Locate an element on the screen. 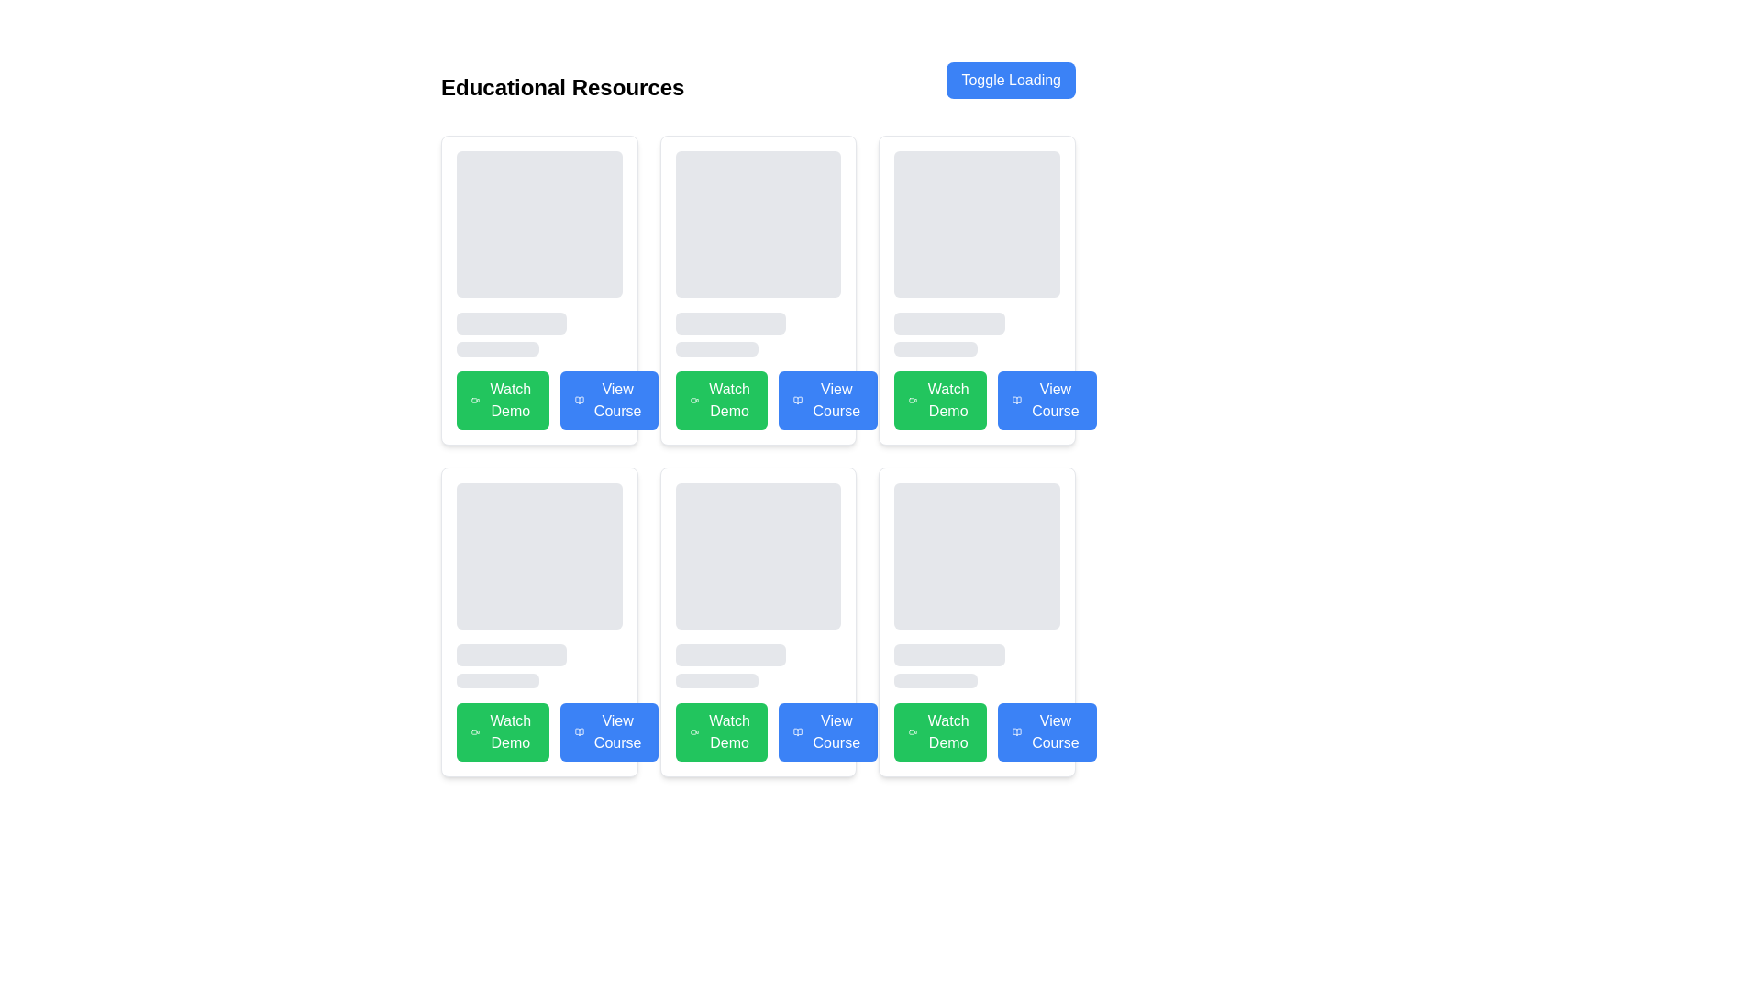 Image resolution: width=1761 pixels, height=990 pixels. SVG icon located at the leftmost part of the 'Watch Demo' button, which is green with white text, for debugging purposes is located at coordinates (693, 399).